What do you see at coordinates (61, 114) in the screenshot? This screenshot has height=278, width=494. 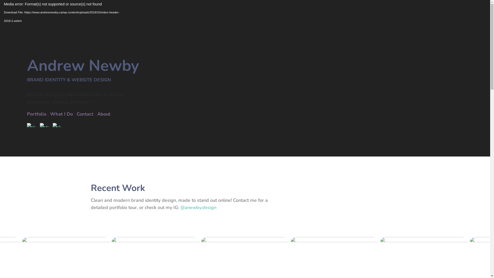 I see `'What I Do'` at bounding box center [61, 114].